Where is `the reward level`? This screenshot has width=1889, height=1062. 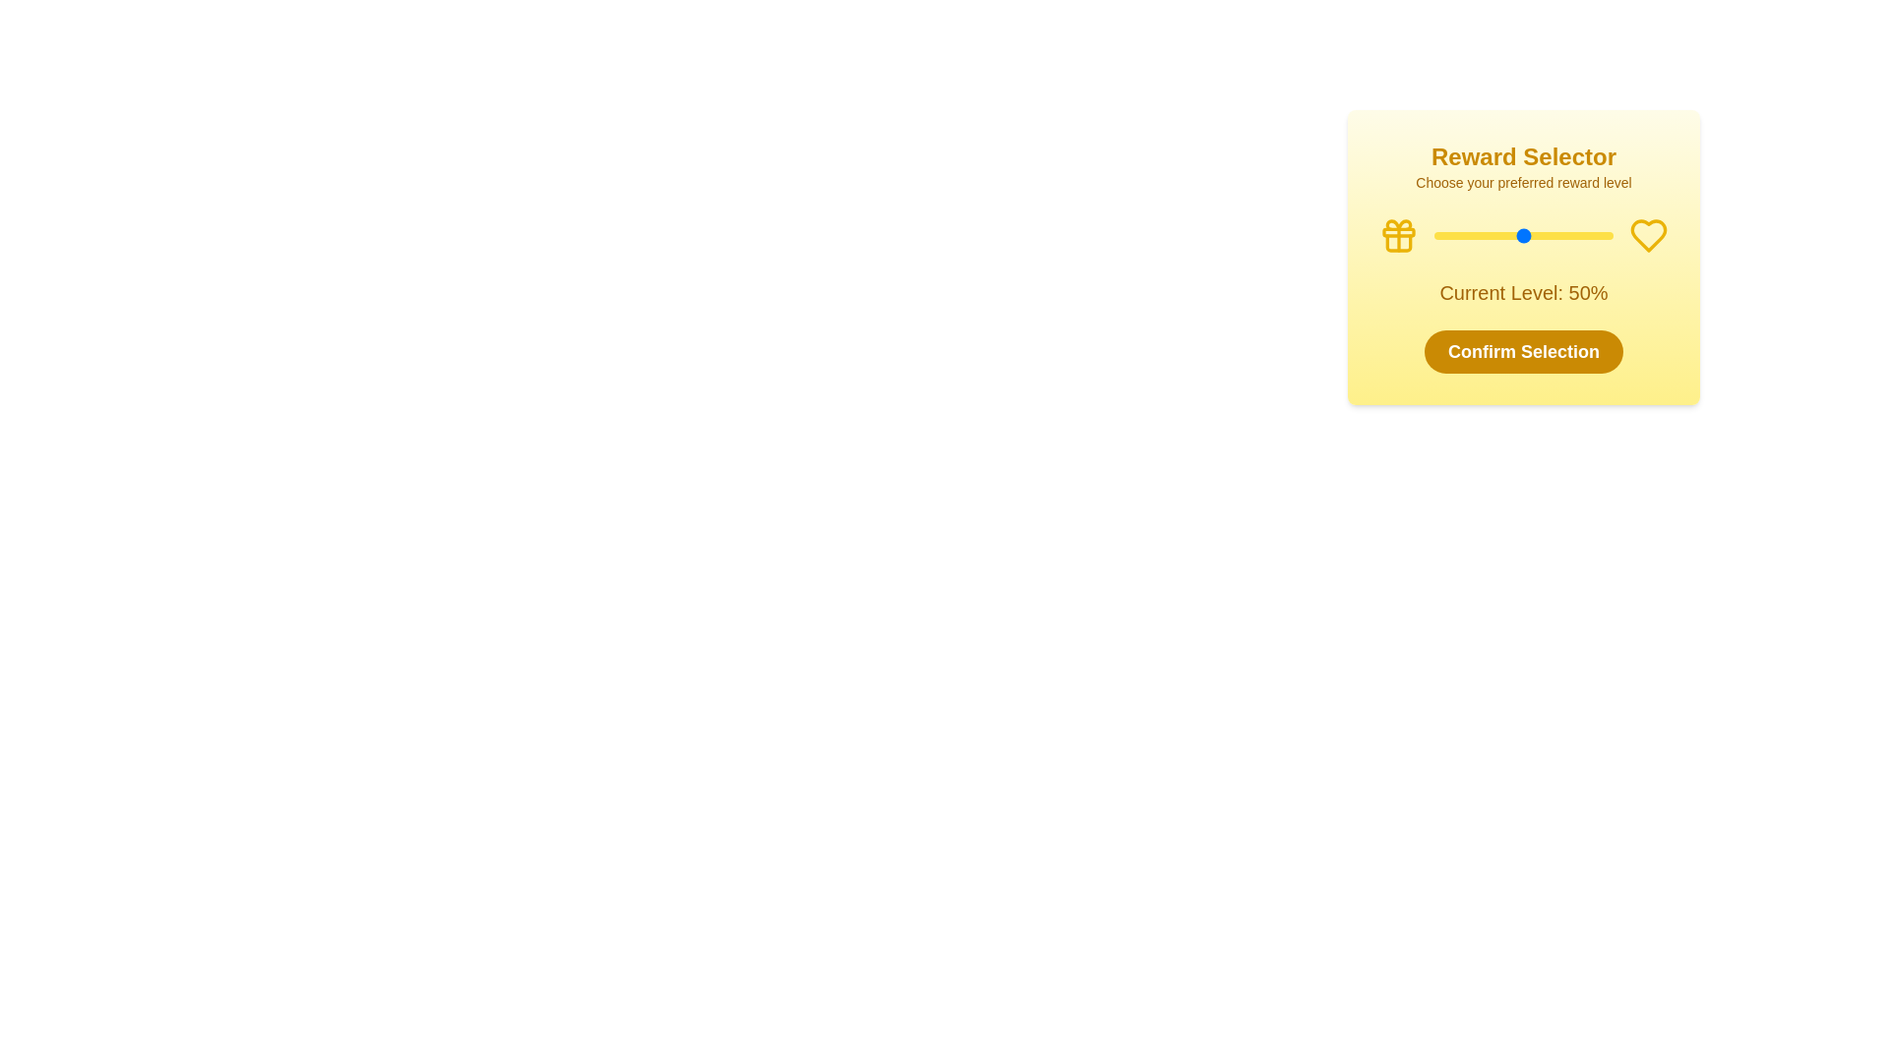
the reward level is located at coordinates (1569, 234).